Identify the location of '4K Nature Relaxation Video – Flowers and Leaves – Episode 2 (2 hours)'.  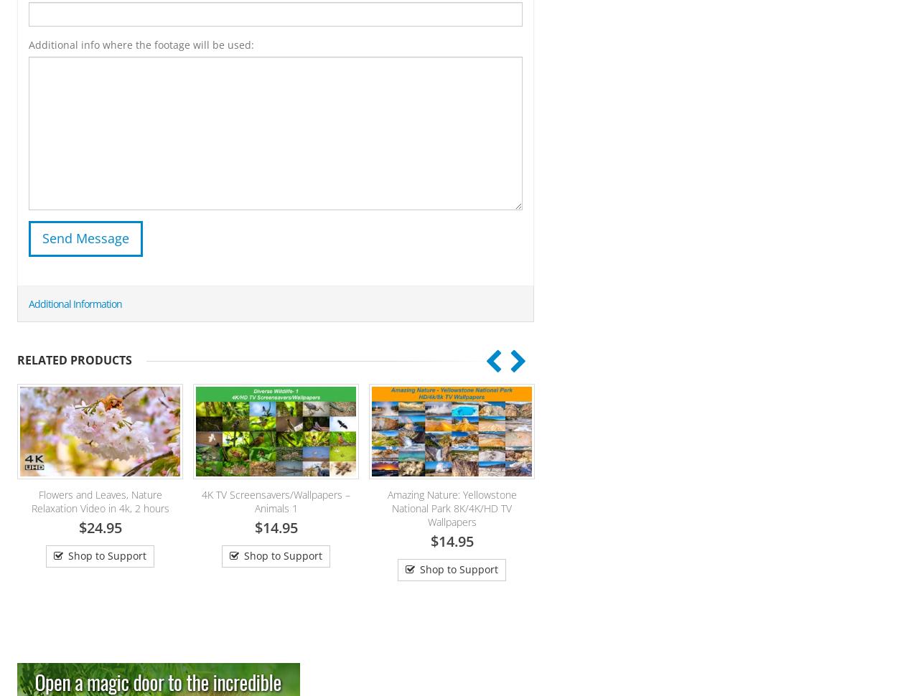
(665, 508).